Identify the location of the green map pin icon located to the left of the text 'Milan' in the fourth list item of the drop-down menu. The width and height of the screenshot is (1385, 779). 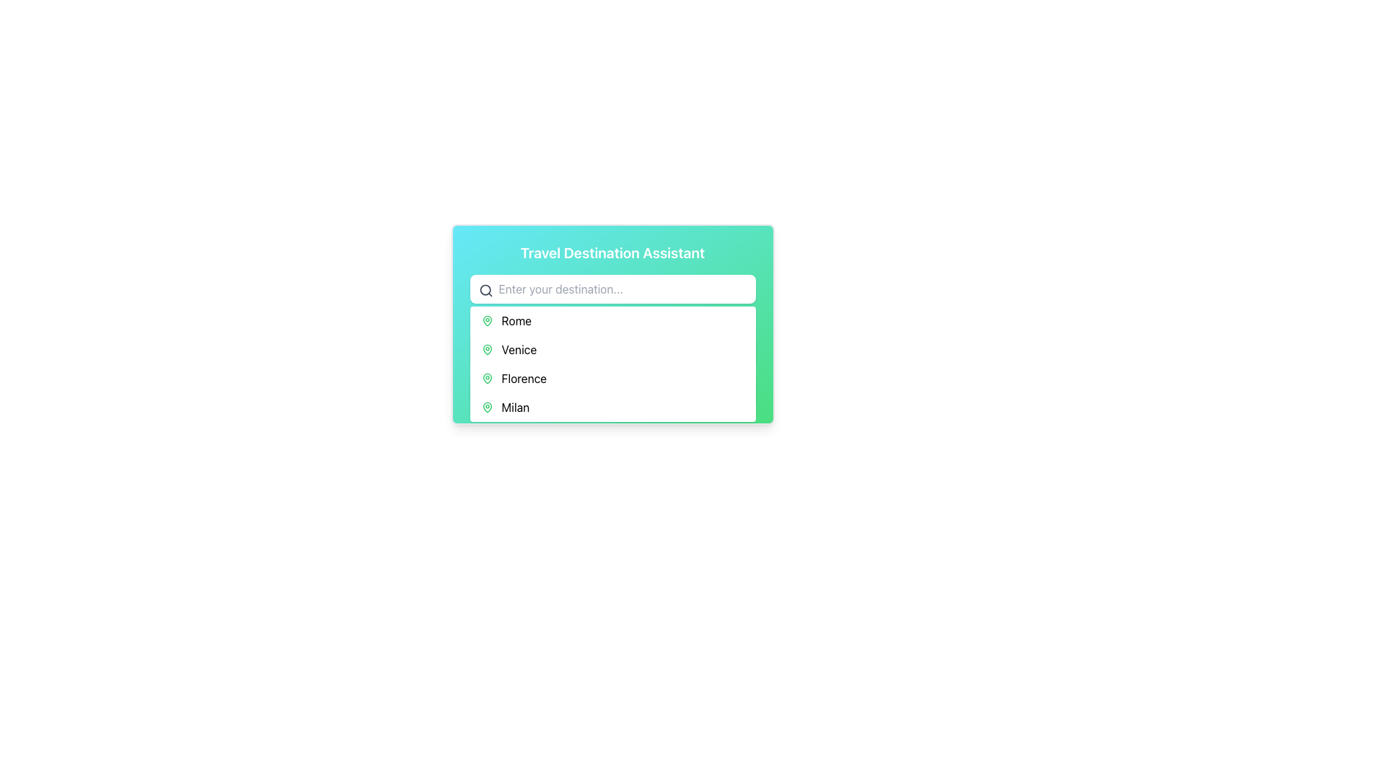
(487, 407).